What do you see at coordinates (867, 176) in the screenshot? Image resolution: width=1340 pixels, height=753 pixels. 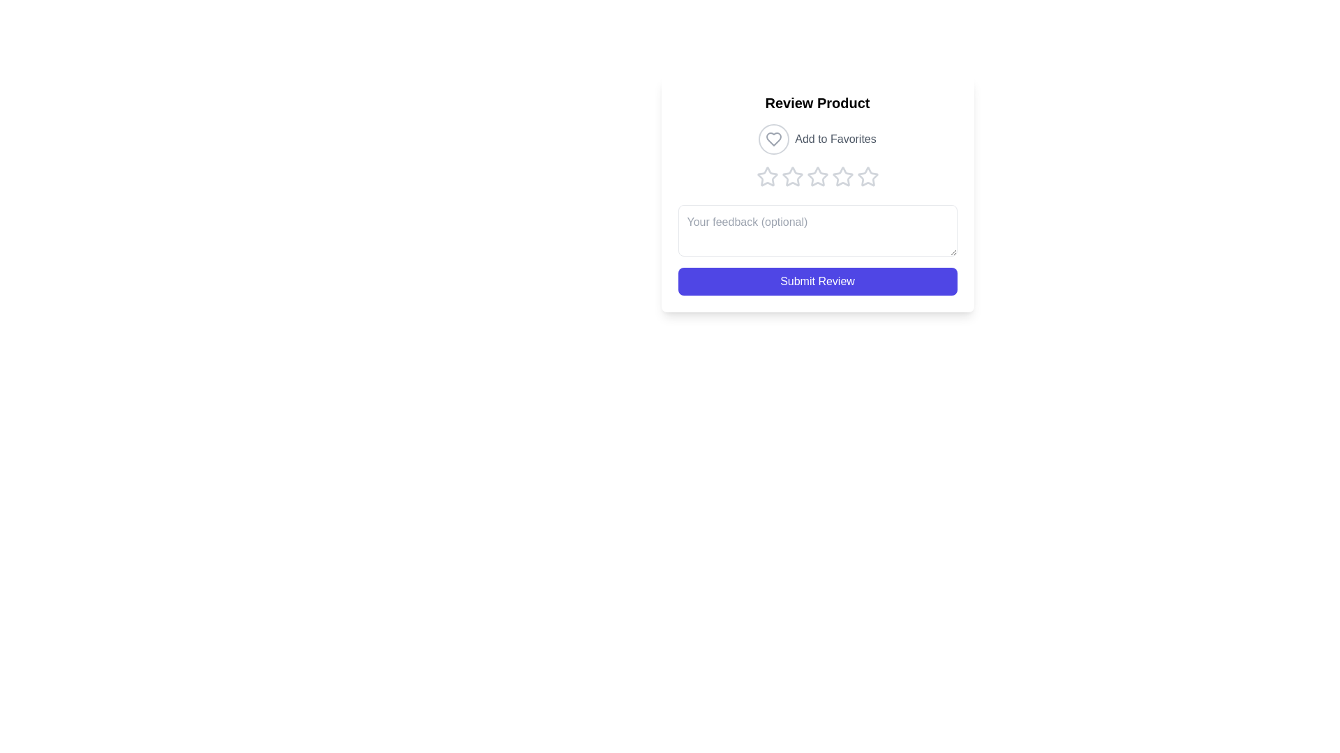 I see `the fifth star rating icon` at bounding box center [867, 176].